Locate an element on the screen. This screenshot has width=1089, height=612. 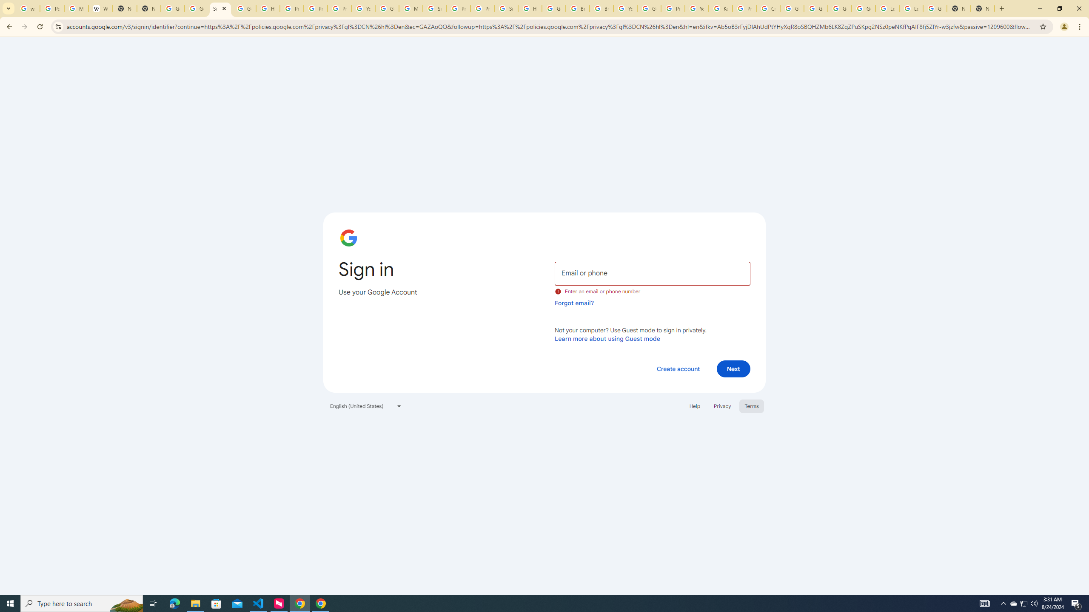
'Learn more about using Guest mode' is located at coordinates (607, 338).